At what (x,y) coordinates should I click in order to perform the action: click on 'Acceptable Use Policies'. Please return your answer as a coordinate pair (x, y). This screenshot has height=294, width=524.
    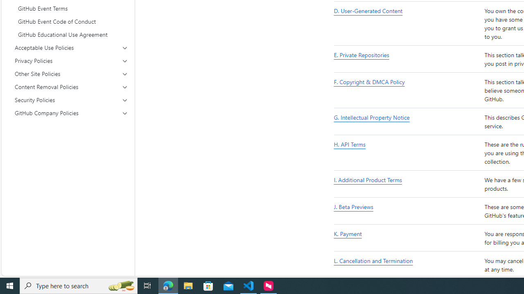
    Looking at the image, I should click on (71, 48).